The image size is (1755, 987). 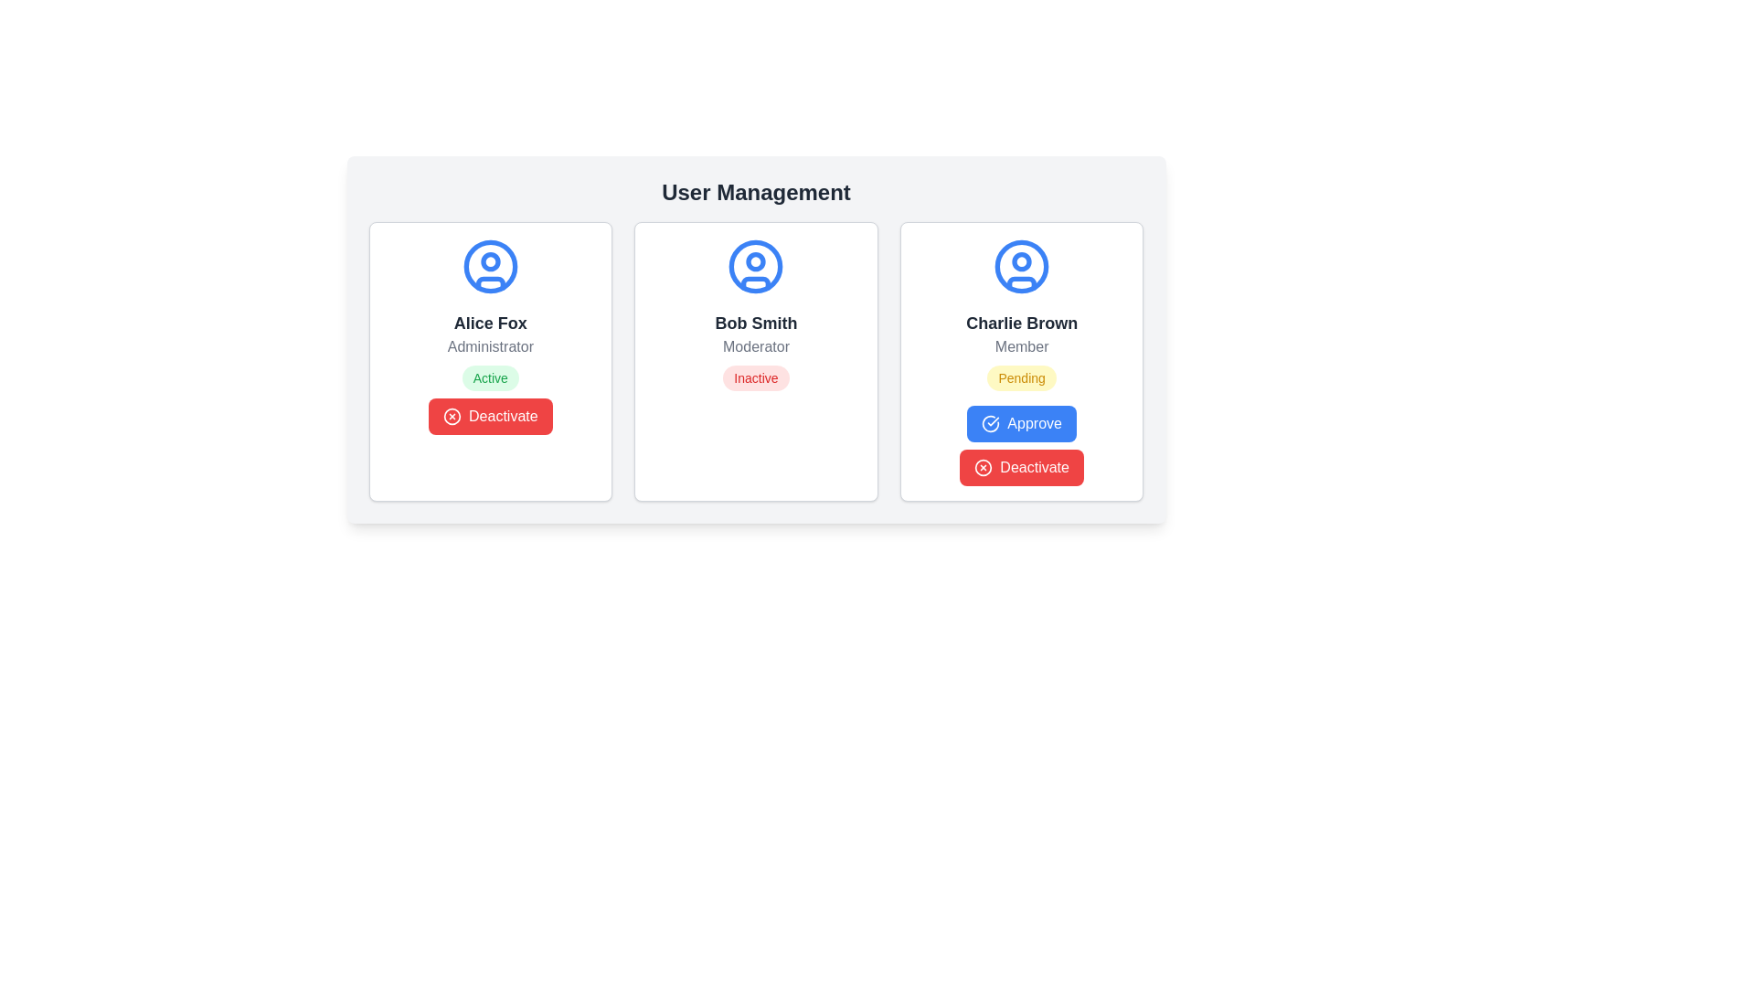 What do you see at coordinates (490, 267) in the screenshot?
I see `the blue user profile icon with a circular design located at the top of the card labeled 'Alice Fox'` at bounding box center [490, 267].